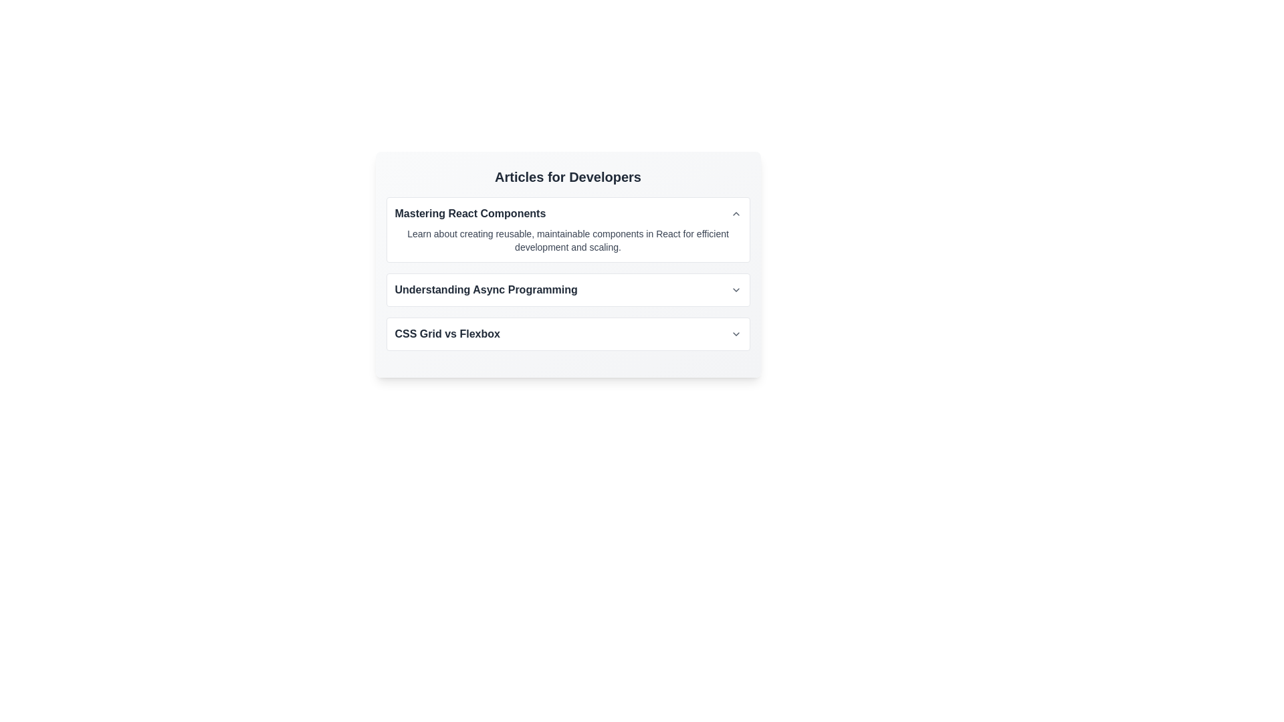 This screenshot has width=1284, height=722. What do you see at coordinates (568, 334) in the screenshot?
I see `the third item in the vertically aligned list of sections` at bounding box center [568, 334].